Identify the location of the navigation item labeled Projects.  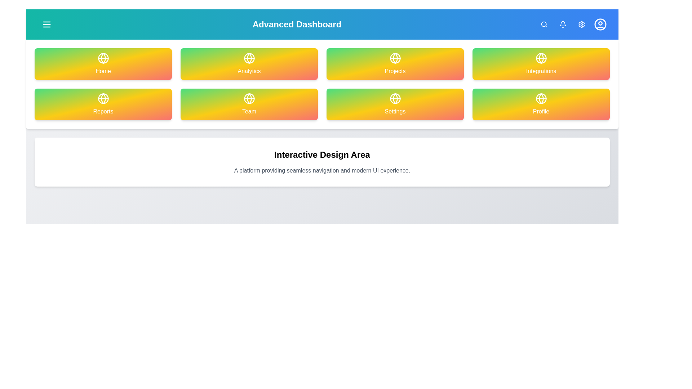
(395, 63).